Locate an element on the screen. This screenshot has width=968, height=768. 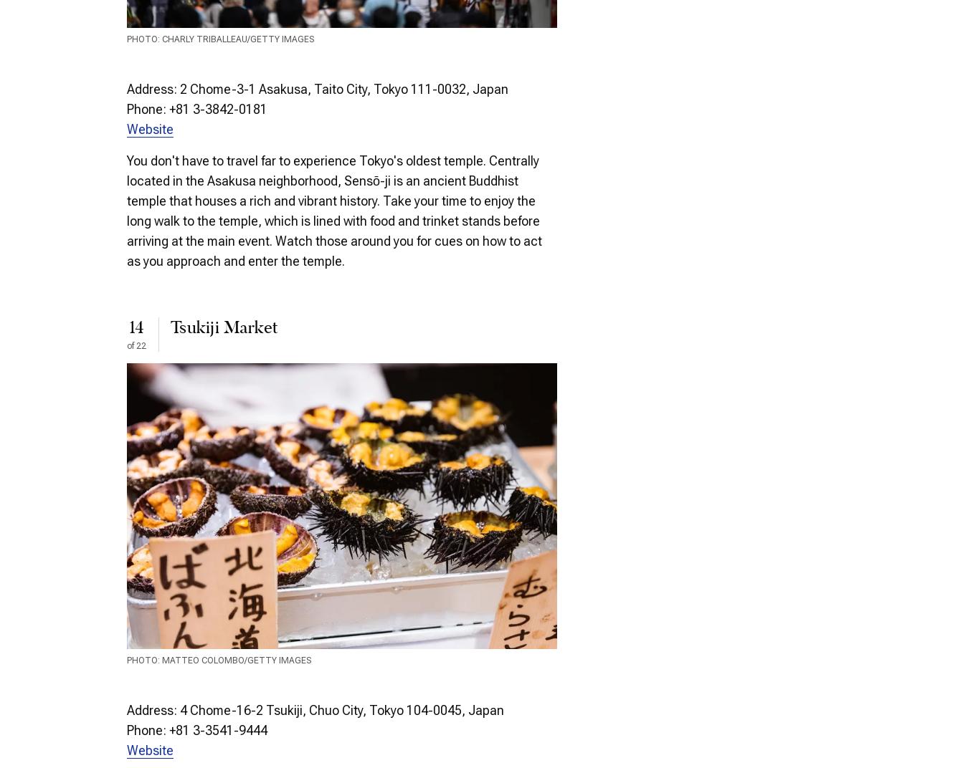
'Matteo Colombo/Getty Images' is located at coordinates (161, 661).